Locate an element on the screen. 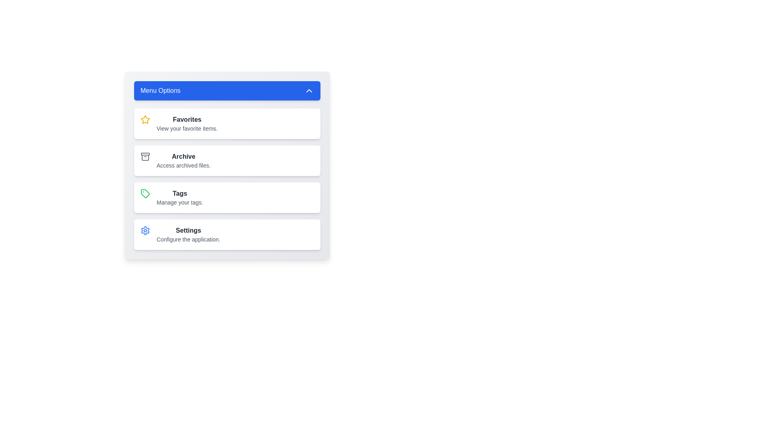 The width and height of the screenshot is (771, 434). text content of the menu item labeled 'Archive' located in the second position of a vertical list in a menu, below 'Favorites' and above 'Tags' is located at coordinates (183, 161).